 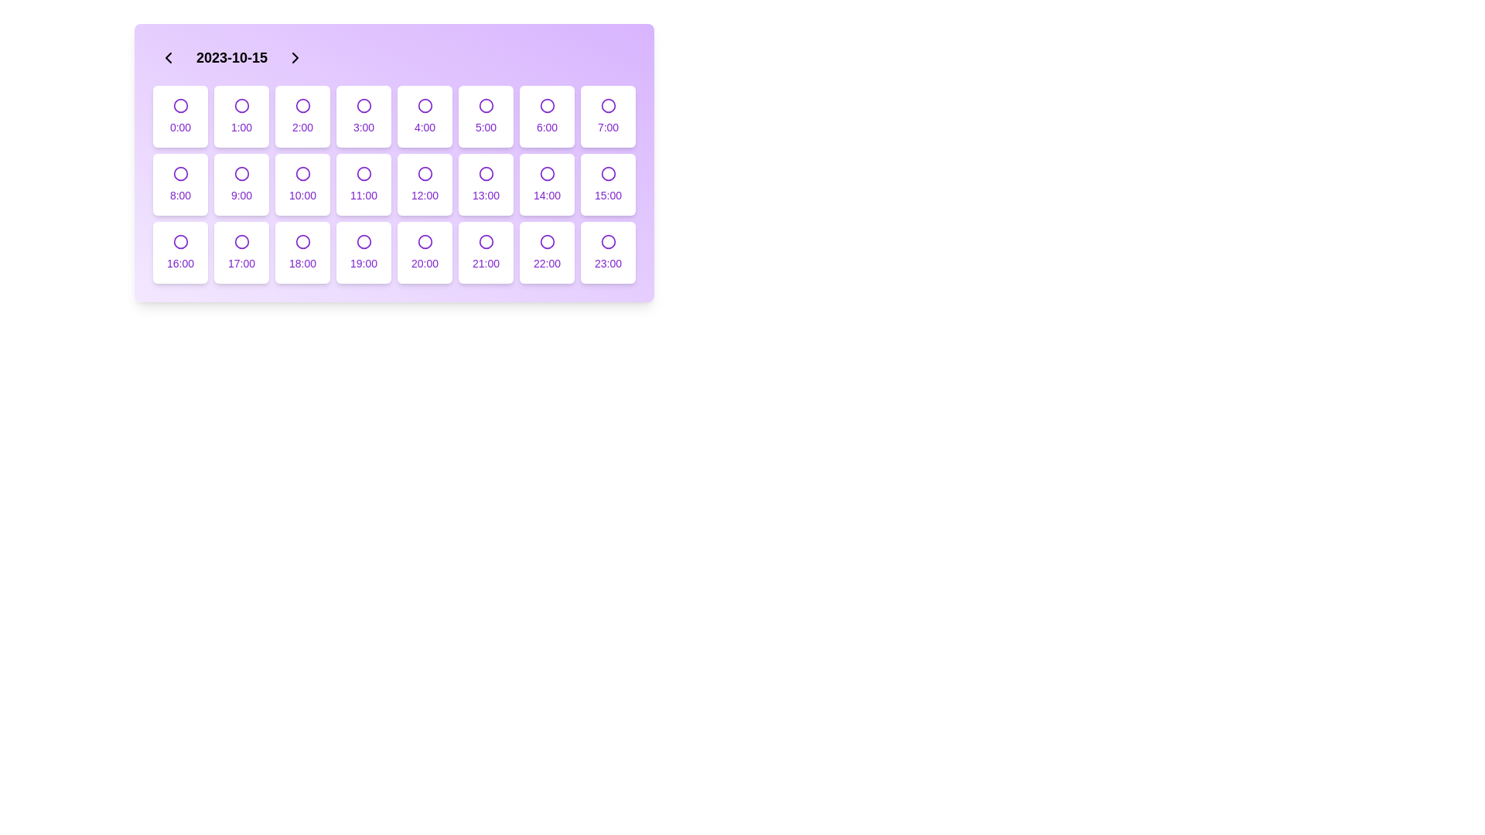 I want to click on the SVG circle selection indicator for the time slot '0:00' located in the top-left corner of the grid under '2023-10-15', so click(x=180, y=105).